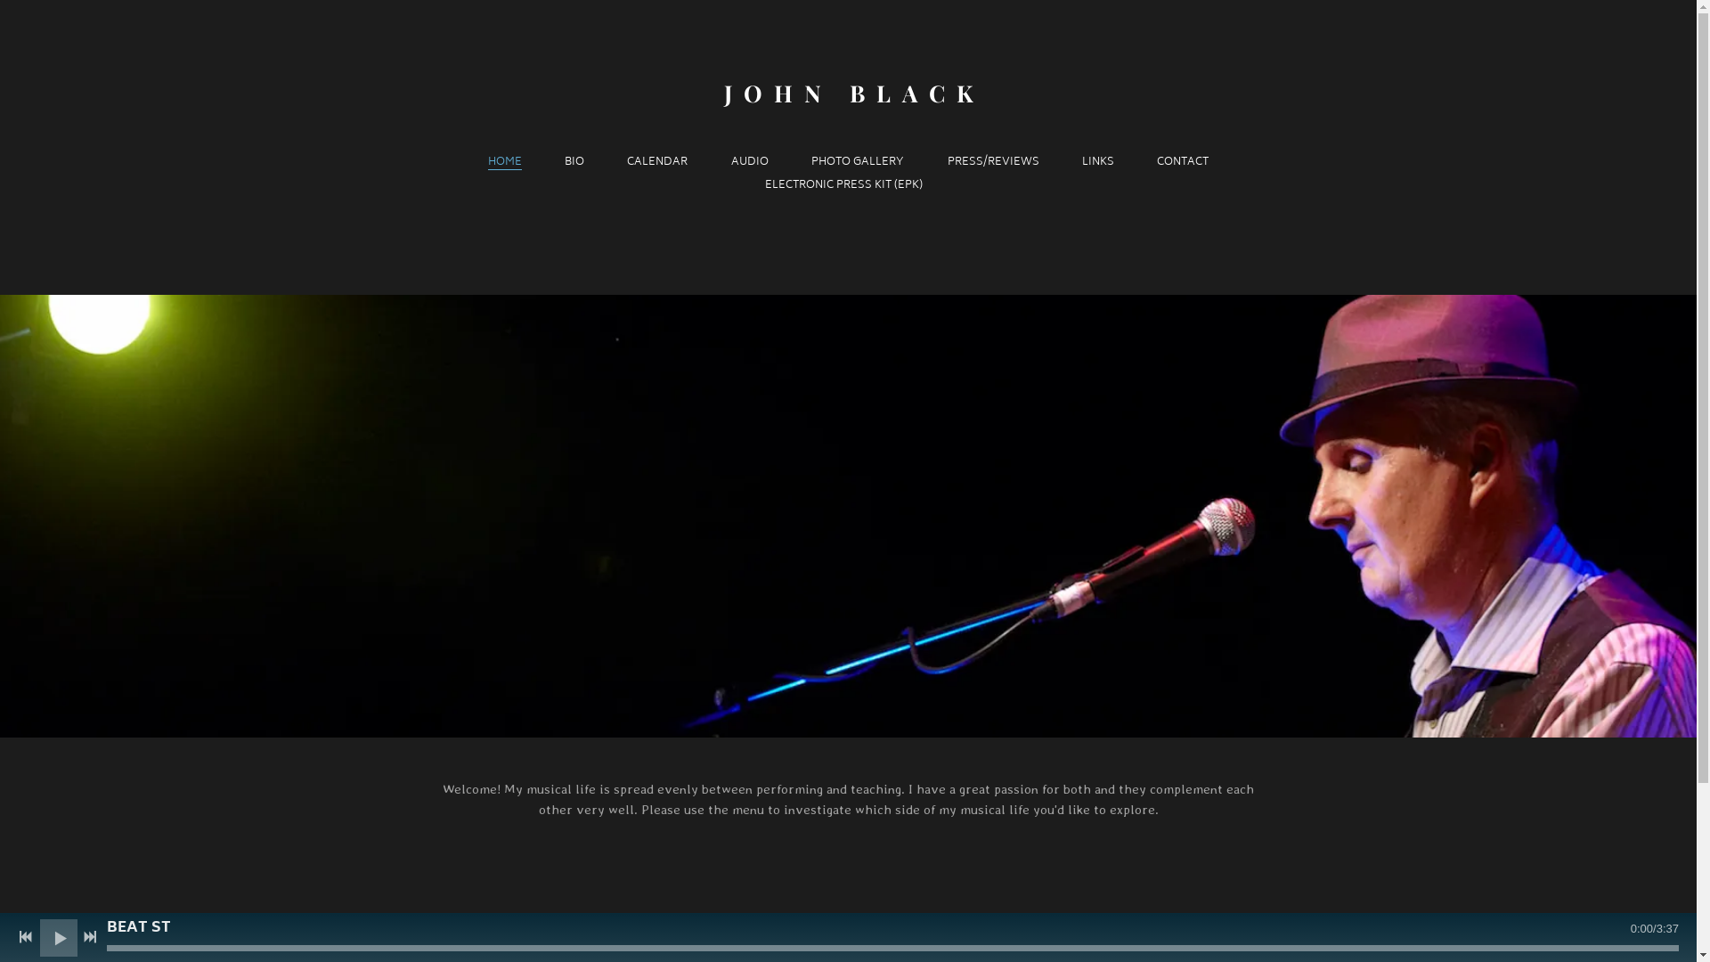 The height and width of the screenshot is (962, 1710). I want to click on 'ELECTRONIC PRESS KIT (EPK)', so click(765, 185).